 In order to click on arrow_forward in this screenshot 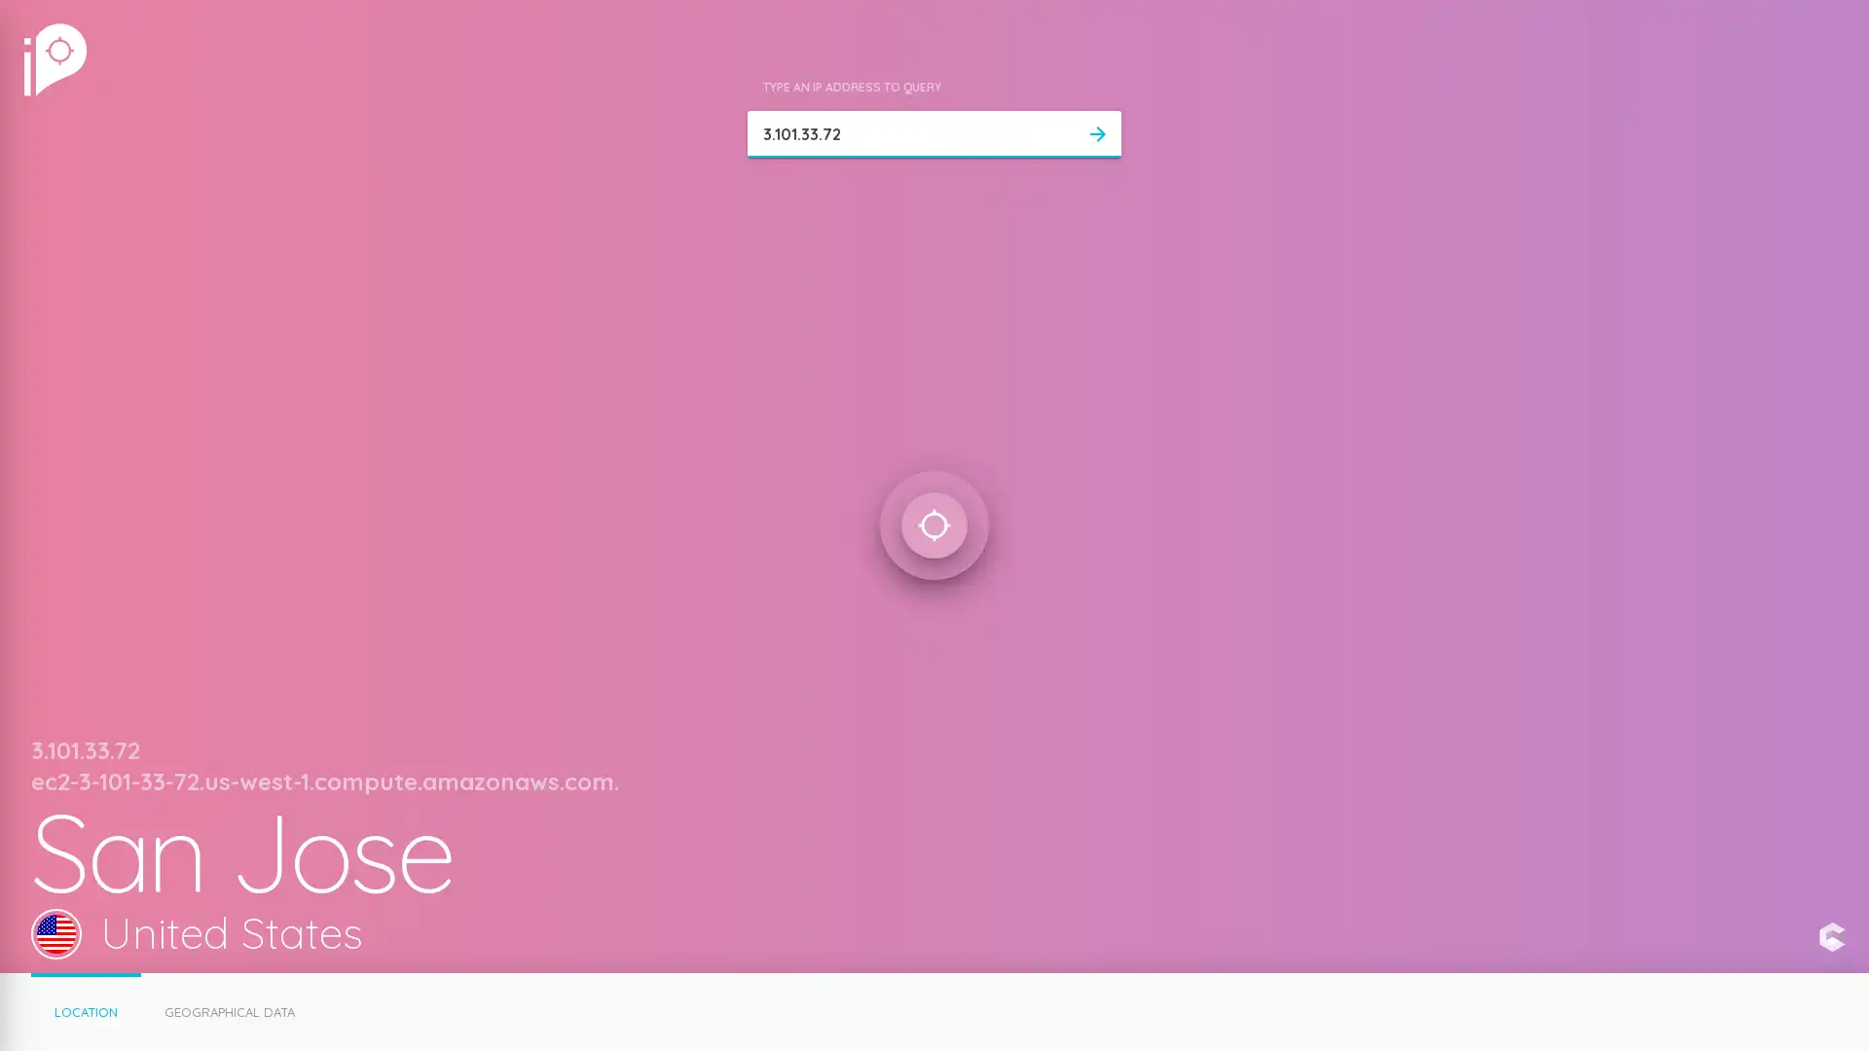, I will do `click(1098, 133)`.